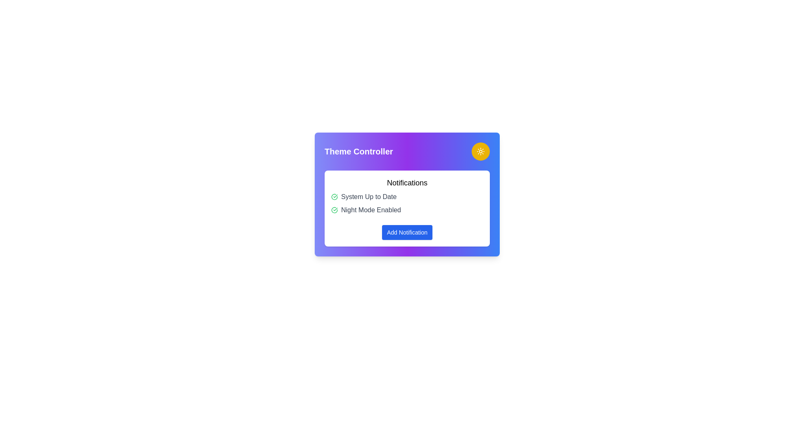 The width and height of the screenshot is (793, 446). What do you see at coordinates (335, 210) in the screenshot?
I see `the circular green checkmark icon located to the left of the text 'Night Mode Enabled'` at bounding box center [335, 210].